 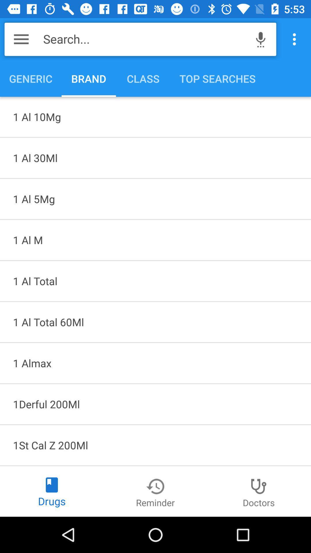 I want to click on the item above generic, so click(x=145, y=39).